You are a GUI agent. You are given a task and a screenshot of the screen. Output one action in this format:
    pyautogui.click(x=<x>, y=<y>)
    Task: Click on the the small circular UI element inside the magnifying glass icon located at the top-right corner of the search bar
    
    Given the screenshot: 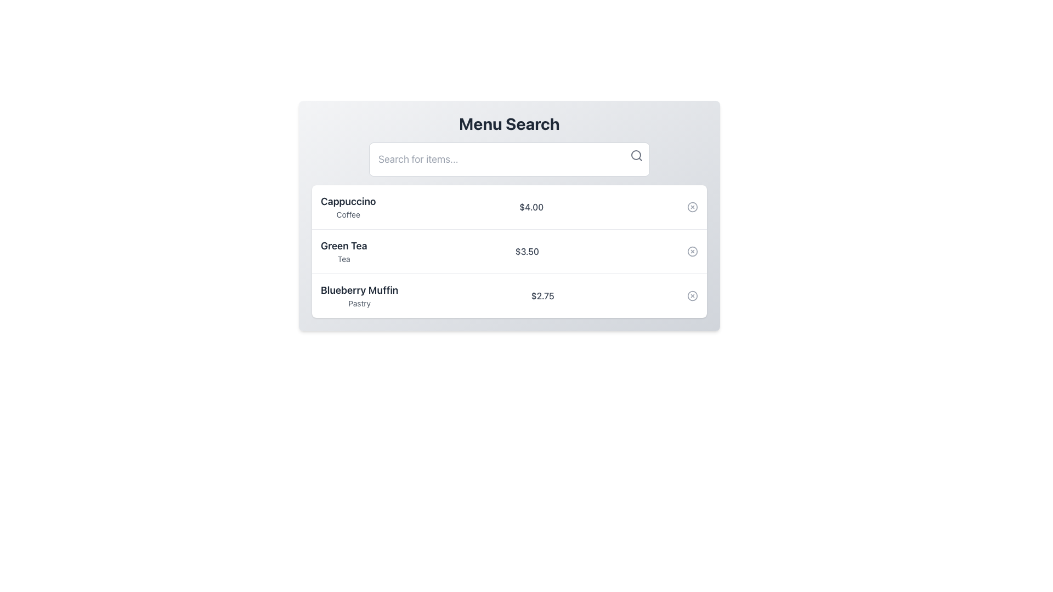 What is the action you would take?
    pyautogui.click(x=636, y=155)
    